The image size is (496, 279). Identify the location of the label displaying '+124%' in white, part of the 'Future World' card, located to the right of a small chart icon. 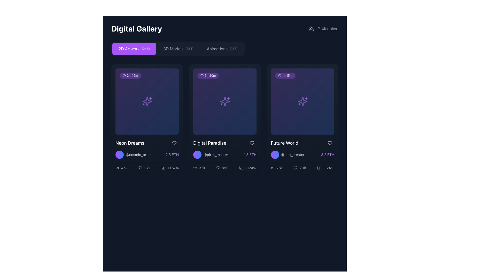
(328, 168).